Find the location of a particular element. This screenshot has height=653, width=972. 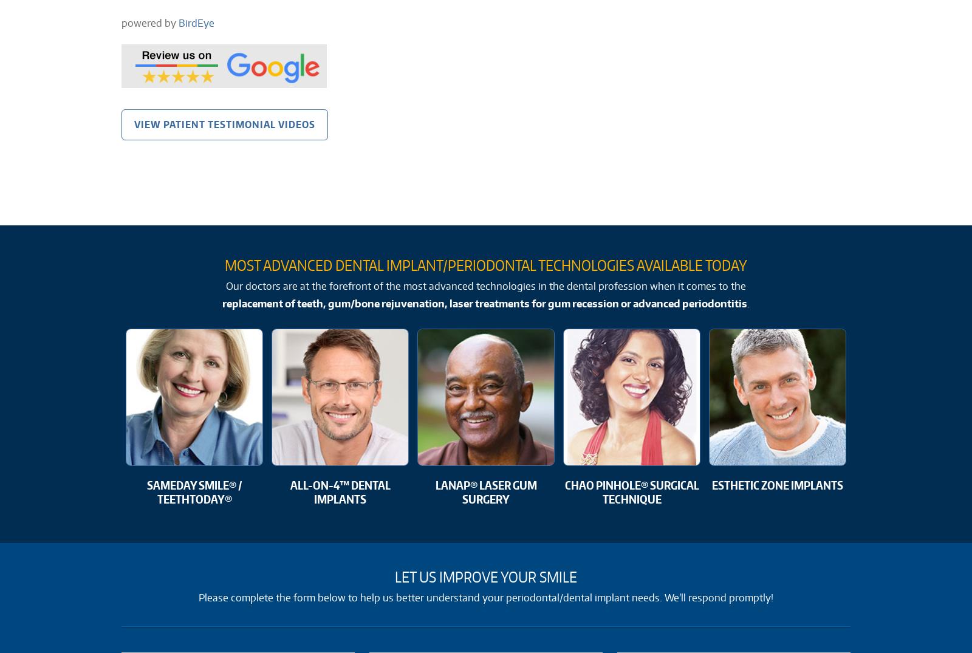

'Esthetic Zone Implants' is located at coordinates (777, 484).